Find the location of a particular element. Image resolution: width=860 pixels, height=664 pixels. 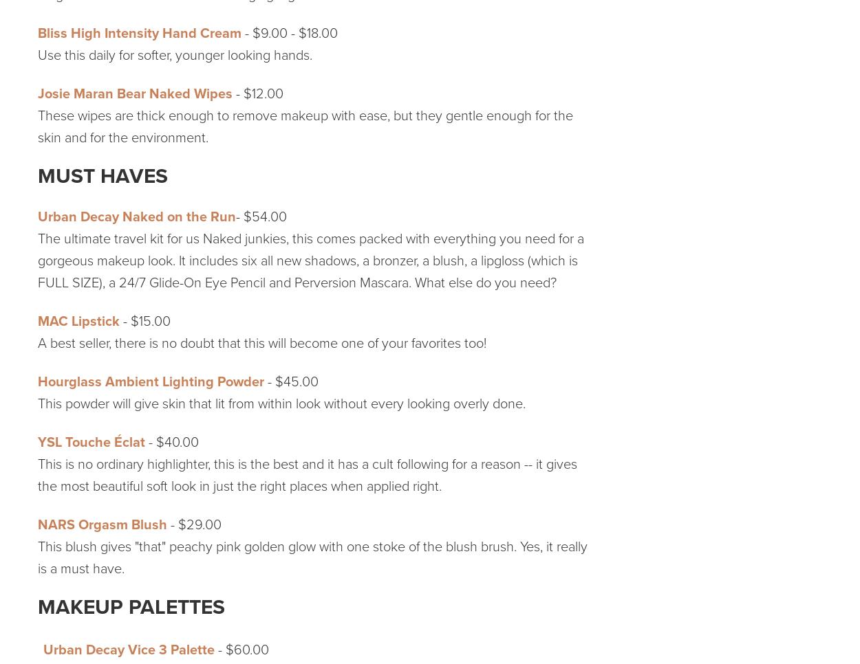

'This  is no ordinary highlighter, this is the best and it has a cult  following for a reason -- it gives the most beautiful soft look in just  the right places when applied right.' is located at coordinates (306, 474).